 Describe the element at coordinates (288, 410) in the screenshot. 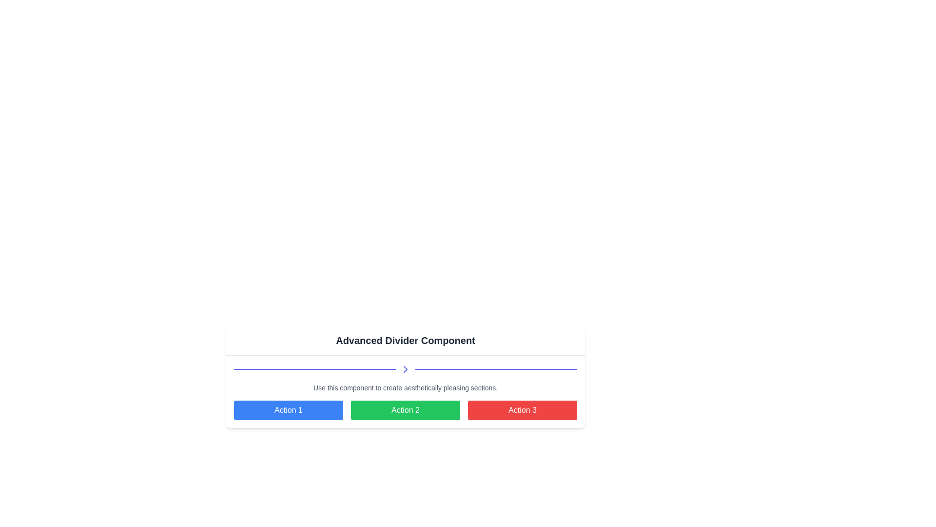

I see `the first button labeled 'Action 1'` at that location.